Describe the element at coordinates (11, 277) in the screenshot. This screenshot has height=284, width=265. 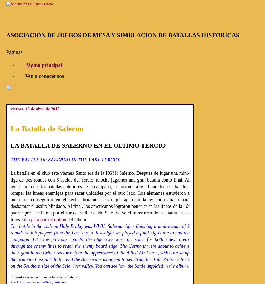
I see `'El bando alemán en nuestra batalla de Salerno.'` at that location.